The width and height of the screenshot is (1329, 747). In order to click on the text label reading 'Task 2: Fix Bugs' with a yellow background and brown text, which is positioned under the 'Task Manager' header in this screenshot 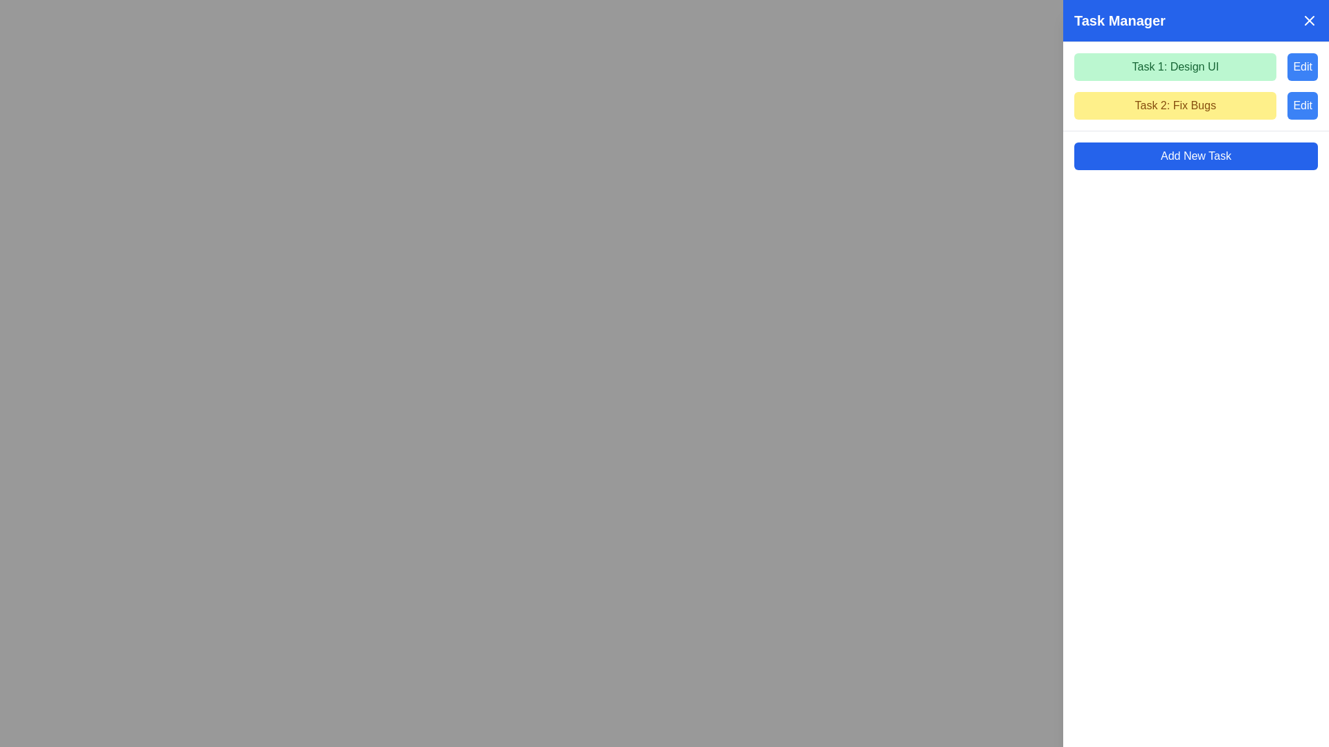, I will do `click(1175, 105)`.